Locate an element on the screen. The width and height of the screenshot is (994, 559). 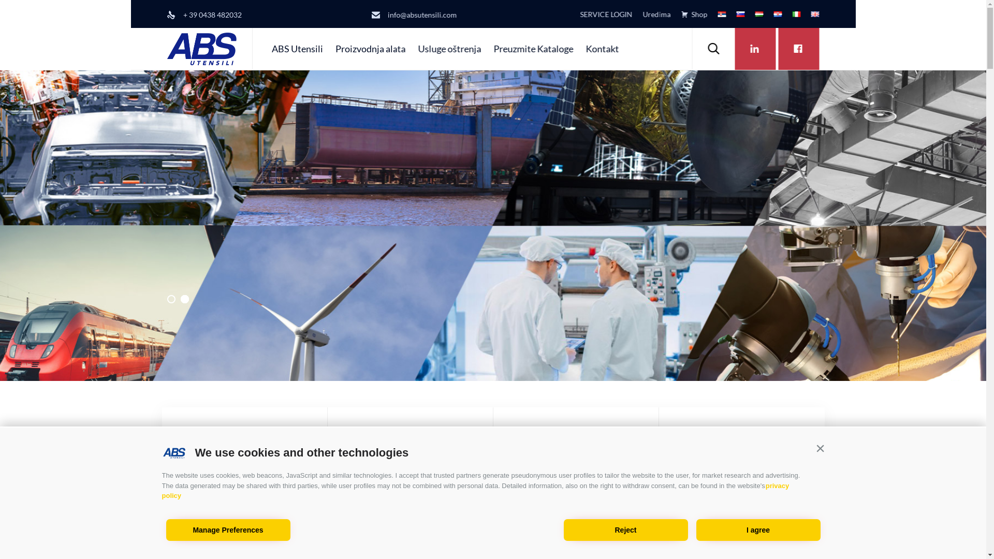
'Proizvodnja alata' is located at coordinates (370, 48).